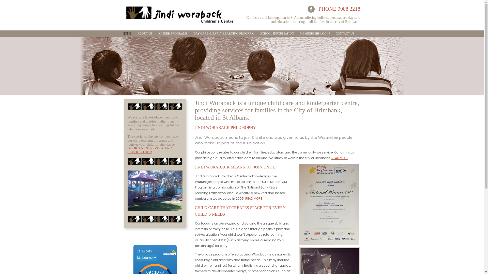  Describe the element at coordinates (145, 33) in the screenshot. I see `'ABOUT US'` at that location.